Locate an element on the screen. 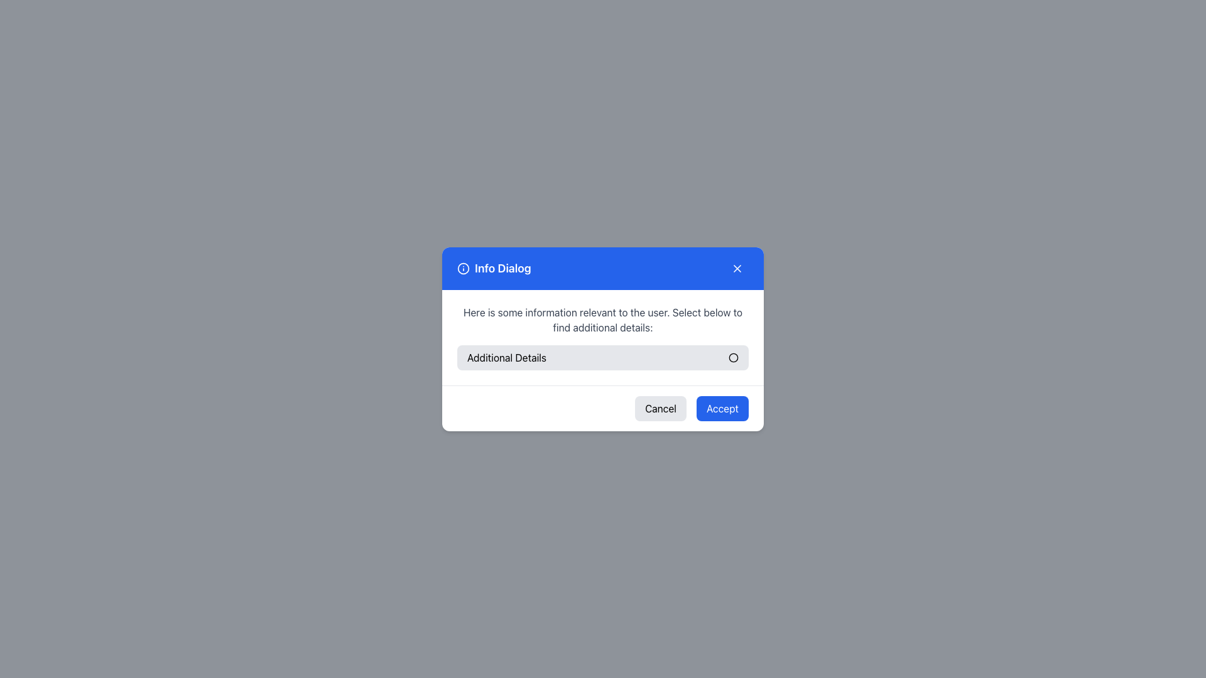 The width and height of the screenshot is (1206, 678). the center of the icon located on the right side of the 'Additional Details' text field in the modal dialog is located at coordinates (733, 357).